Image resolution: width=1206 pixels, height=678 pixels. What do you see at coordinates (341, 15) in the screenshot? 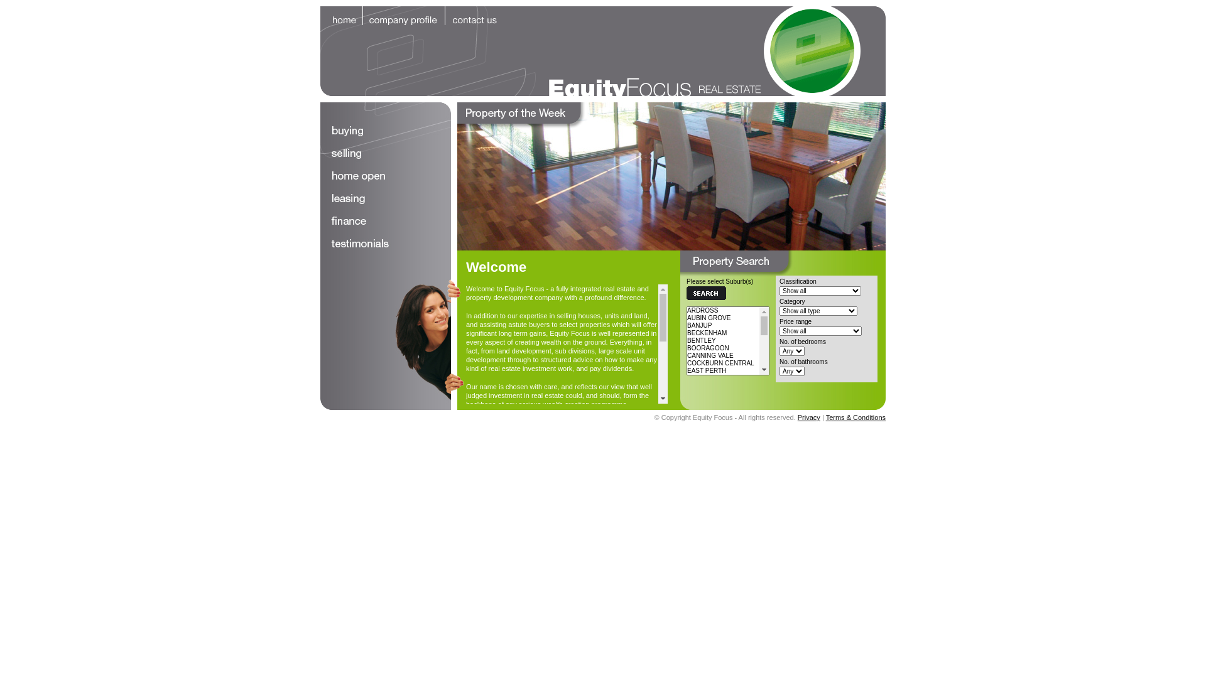
I see `'home'` at bounding box center [341, 15].